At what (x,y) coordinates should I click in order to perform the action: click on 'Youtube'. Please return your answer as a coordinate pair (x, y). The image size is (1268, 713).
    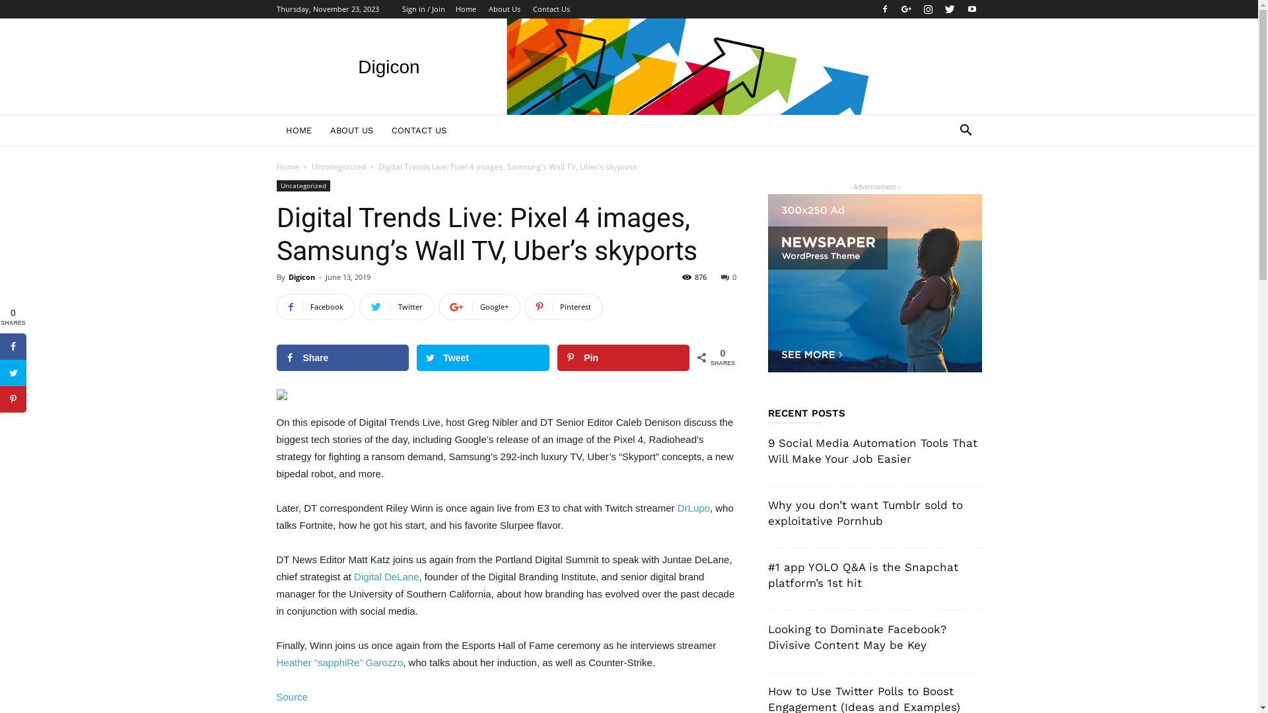
    Looking at the image, I should click on (961, 9).